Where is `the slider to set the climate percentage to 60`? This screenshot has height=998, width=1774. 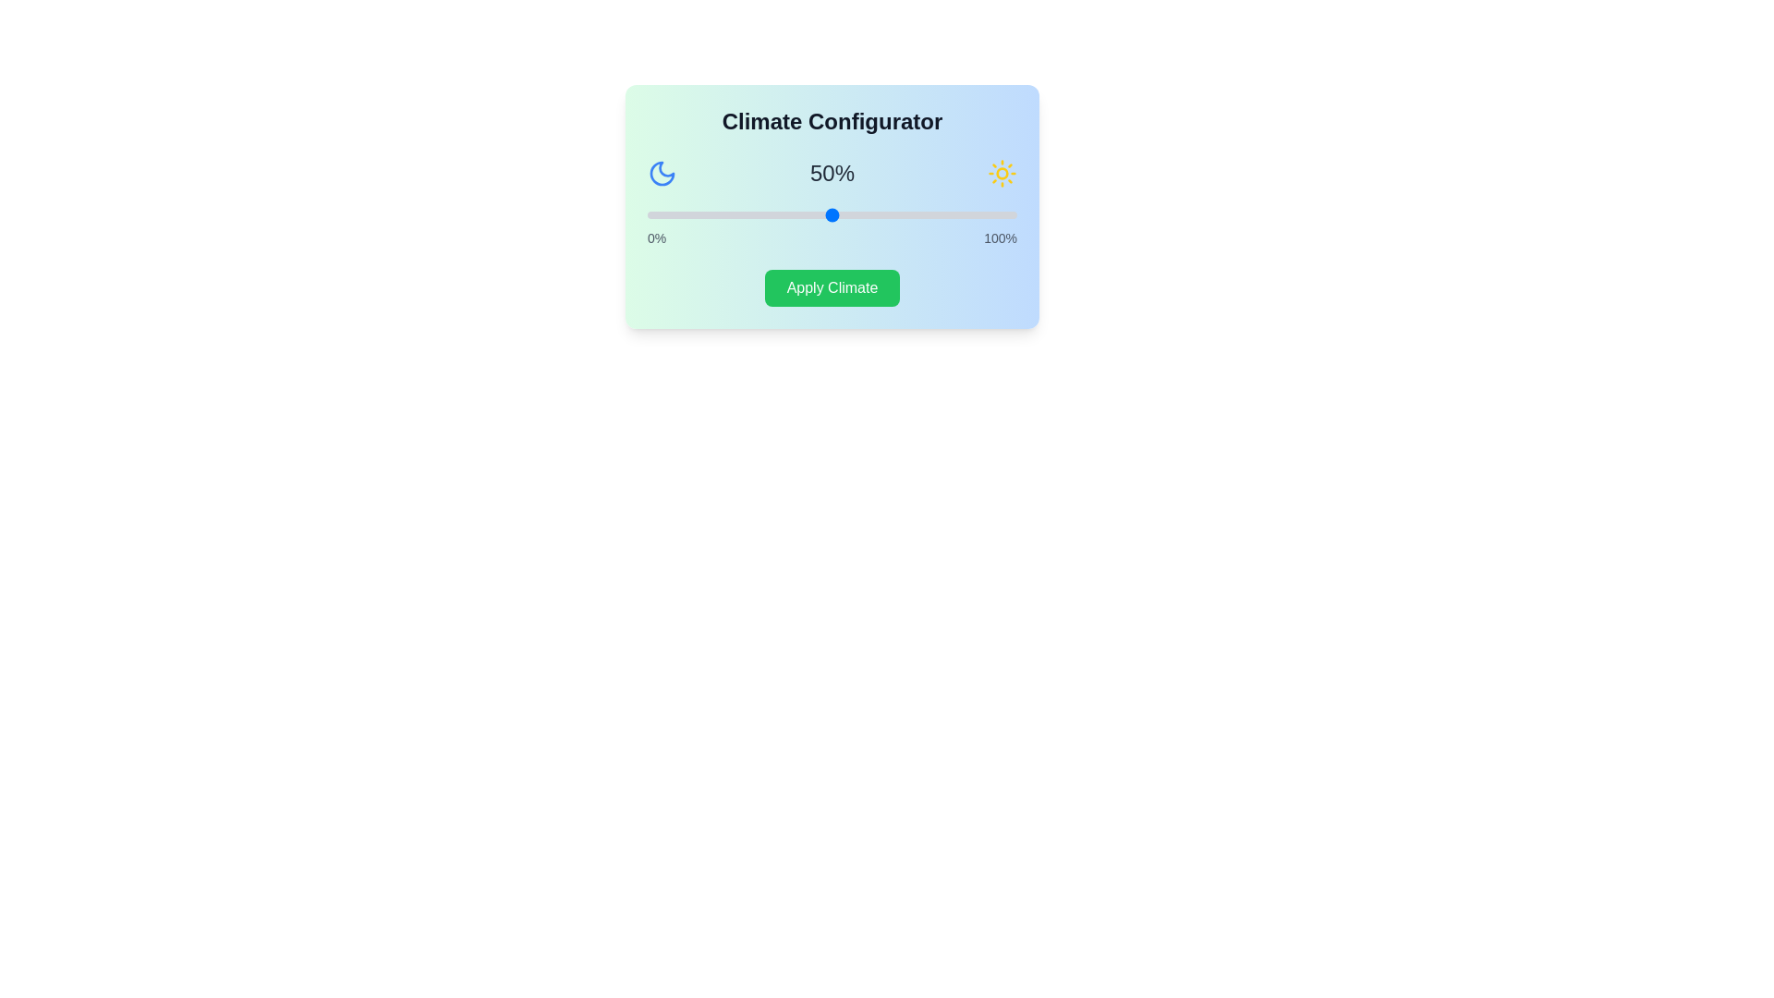 the slider to set the climate percentage to 60 is located at coordinates (868, 213).